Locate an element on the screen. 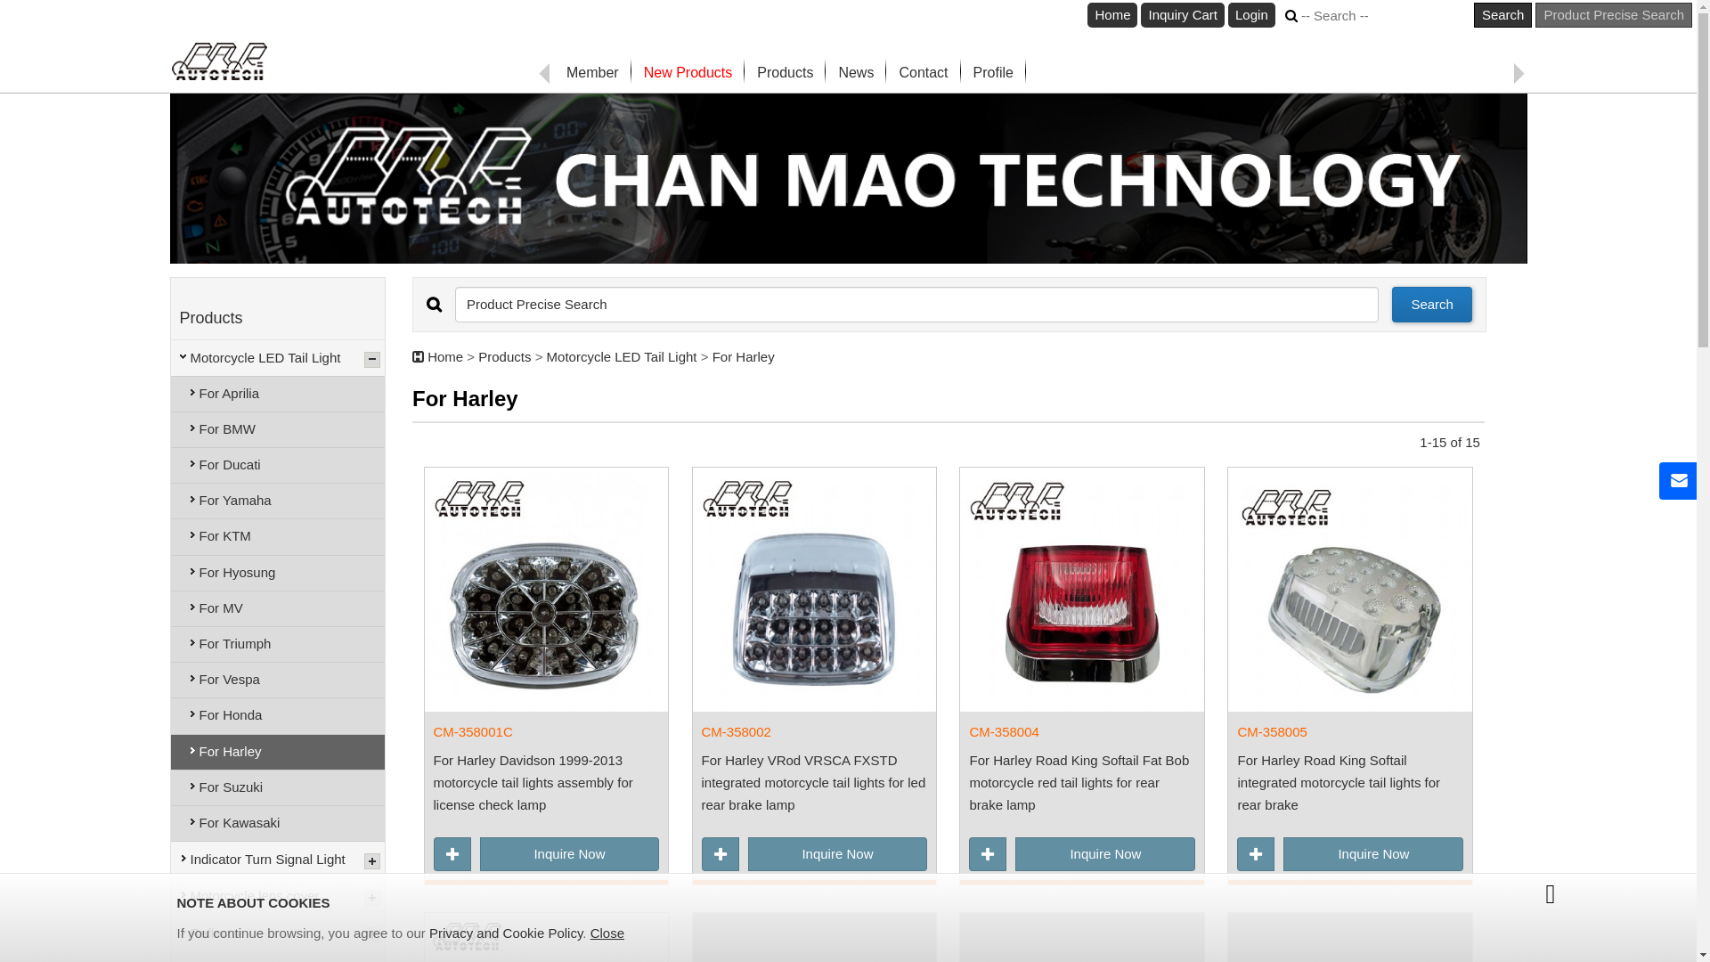 The image size is (1710, 962). 'Contact' is located at coordinates (923, 71).